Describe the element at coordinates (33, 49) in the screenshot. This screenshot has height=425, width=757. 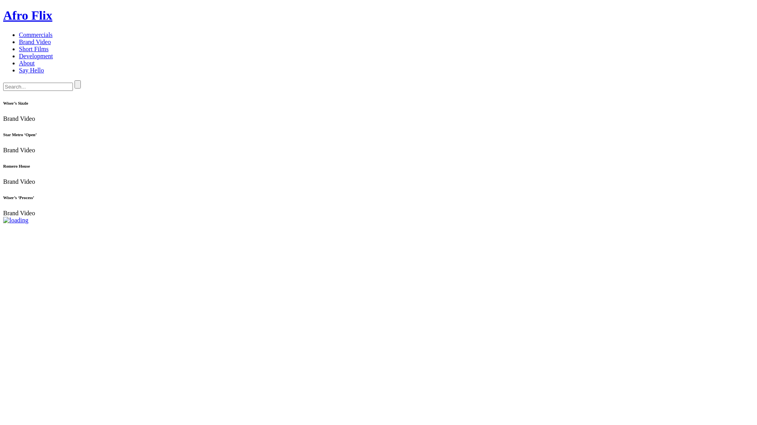
I see `'Short Films'` at that location.